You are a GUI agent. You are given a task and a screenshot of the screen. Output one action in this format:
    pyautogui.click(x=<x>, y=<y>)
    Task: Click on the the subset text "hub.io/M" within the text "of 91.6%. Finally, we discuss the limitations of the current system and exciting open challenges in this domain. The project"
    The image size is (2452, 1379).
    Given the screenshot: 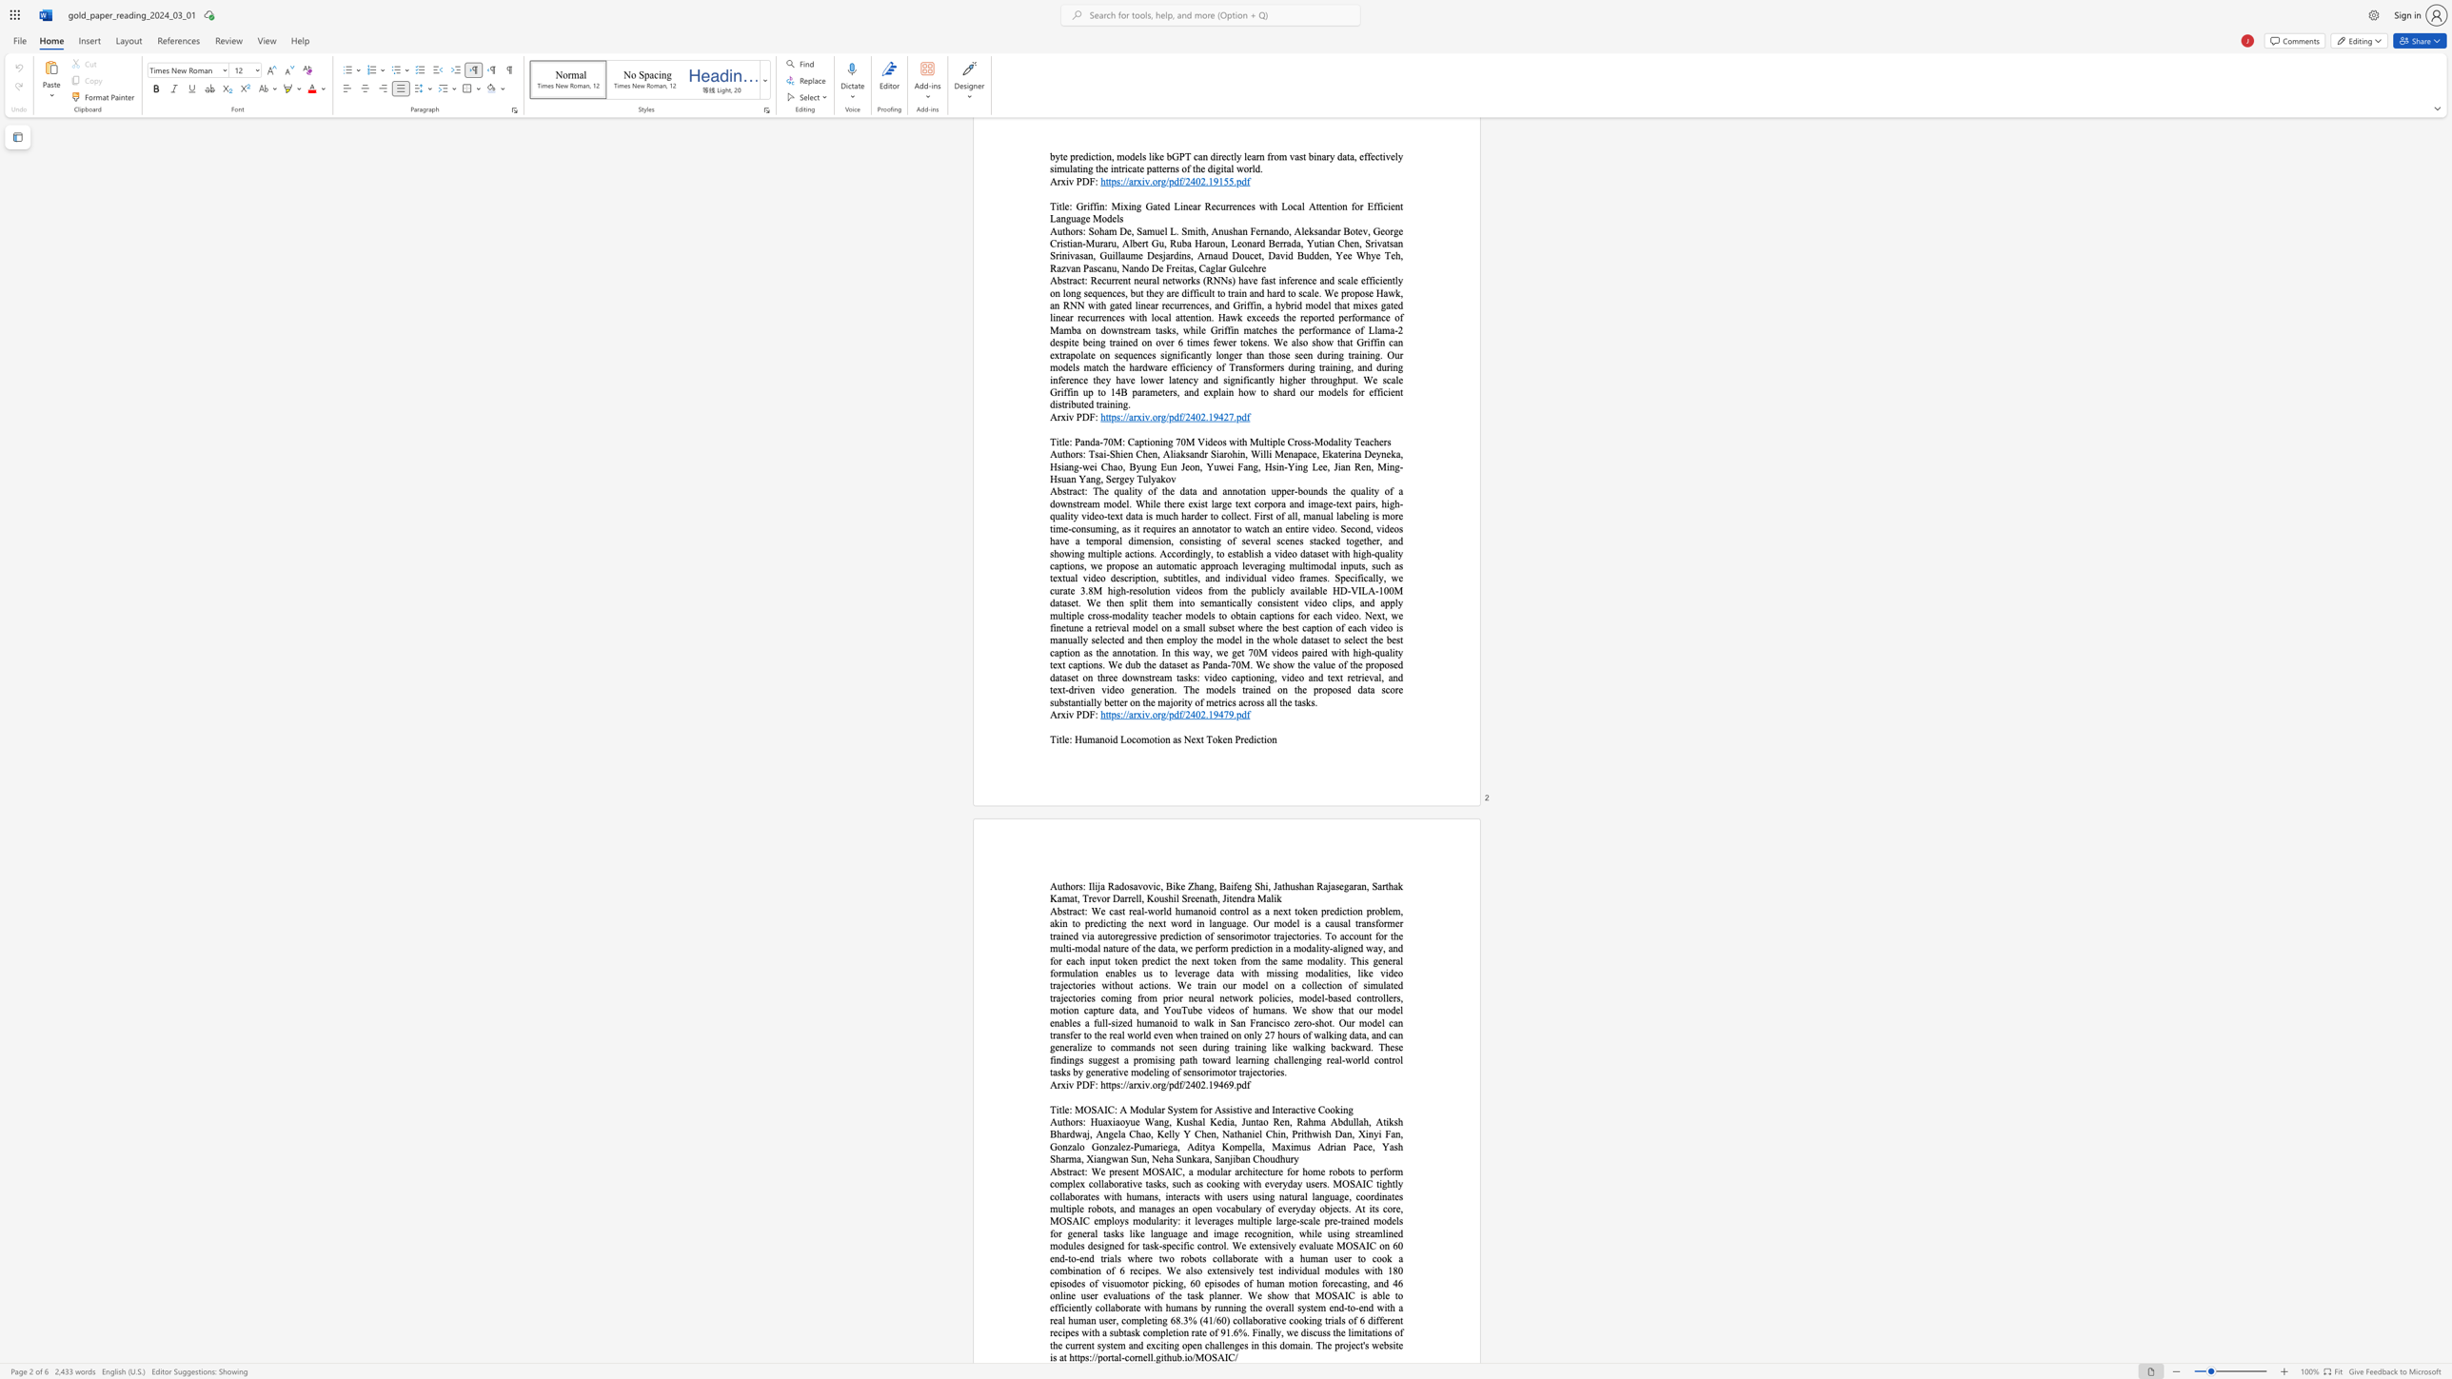 What is the action you would take?
    pyautogui.click(x=1167, y=1357)
    